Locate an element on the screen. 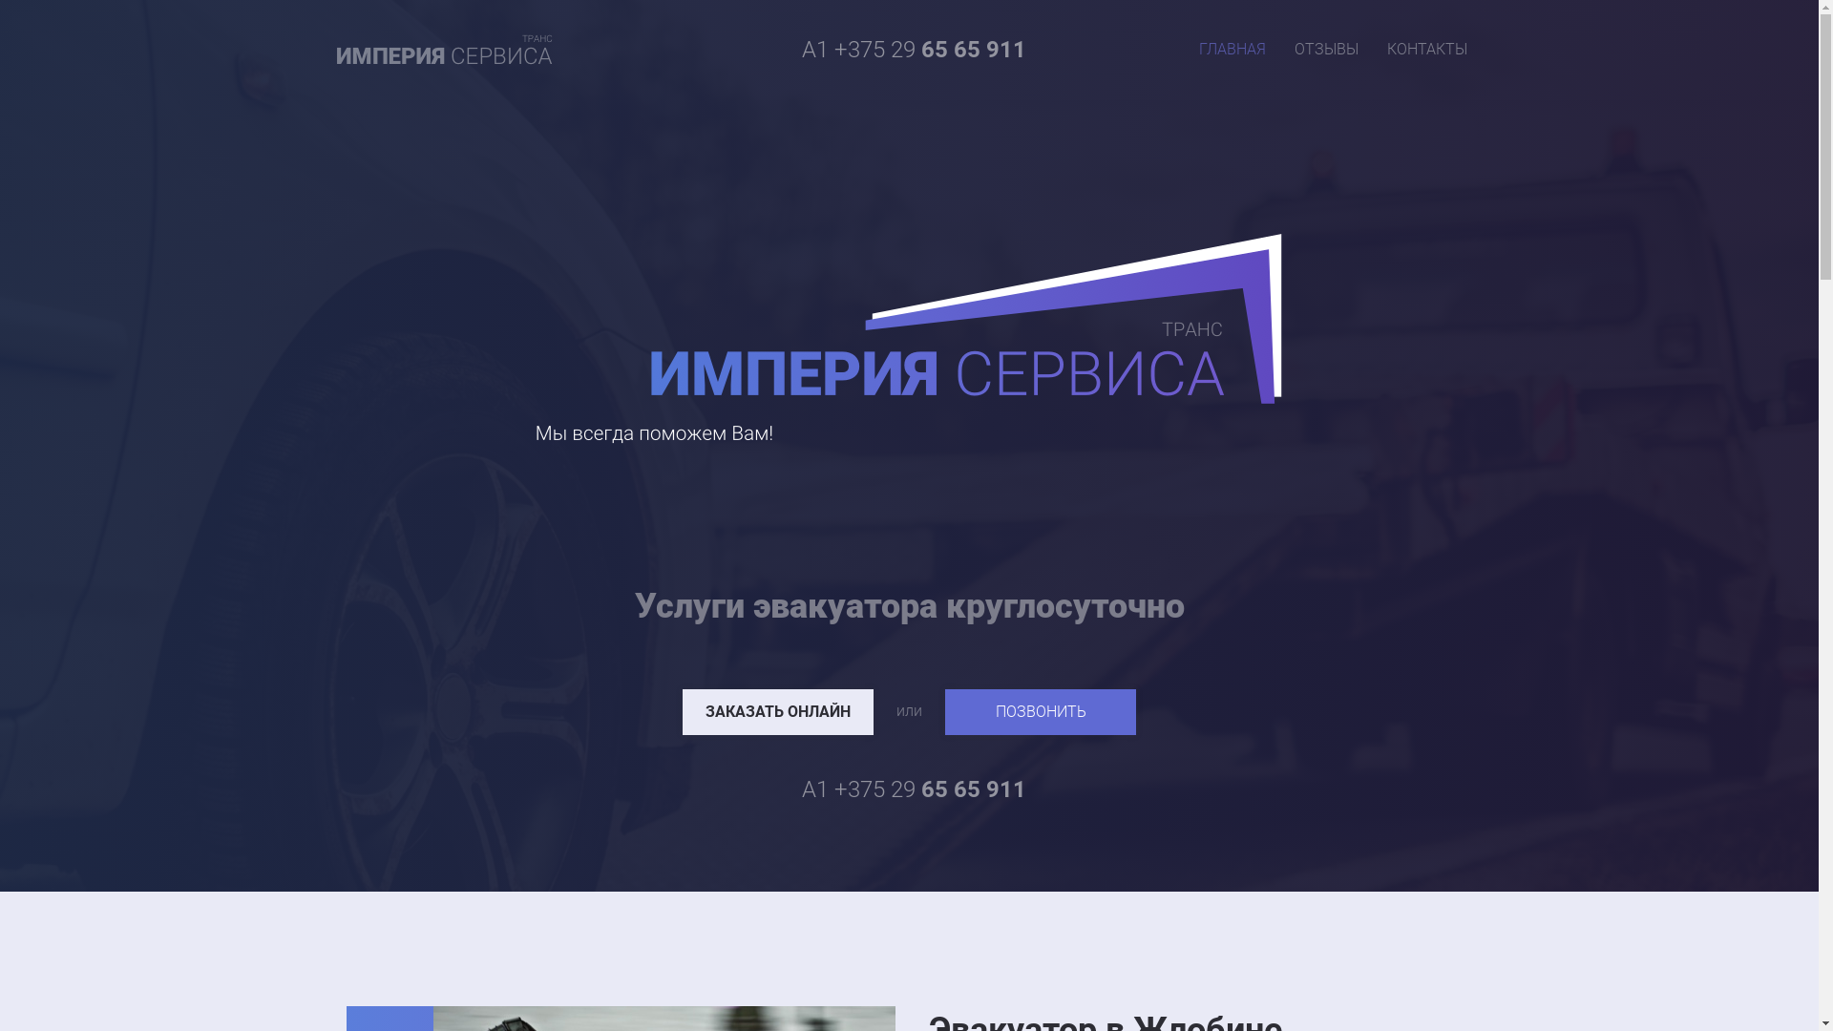 The image size is (1833, 1031). 'A1 +375 29 65 65 911' is located at coordinates (913, 48).